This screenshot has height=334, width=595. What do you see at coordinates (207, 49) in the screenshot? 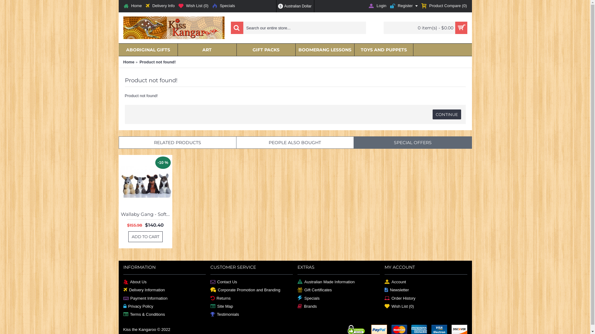
I see `'ART'` at bounding box center [207, 49].